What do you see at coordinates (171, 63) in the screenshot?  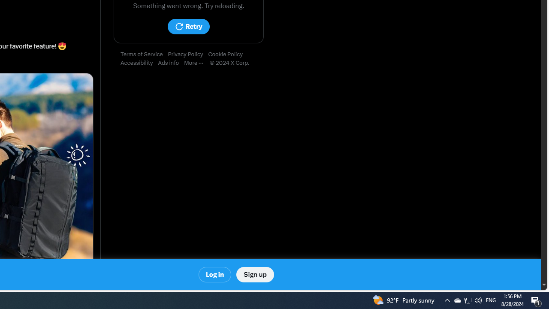 I see `'Ads info'` at bounding box center [171, 63].